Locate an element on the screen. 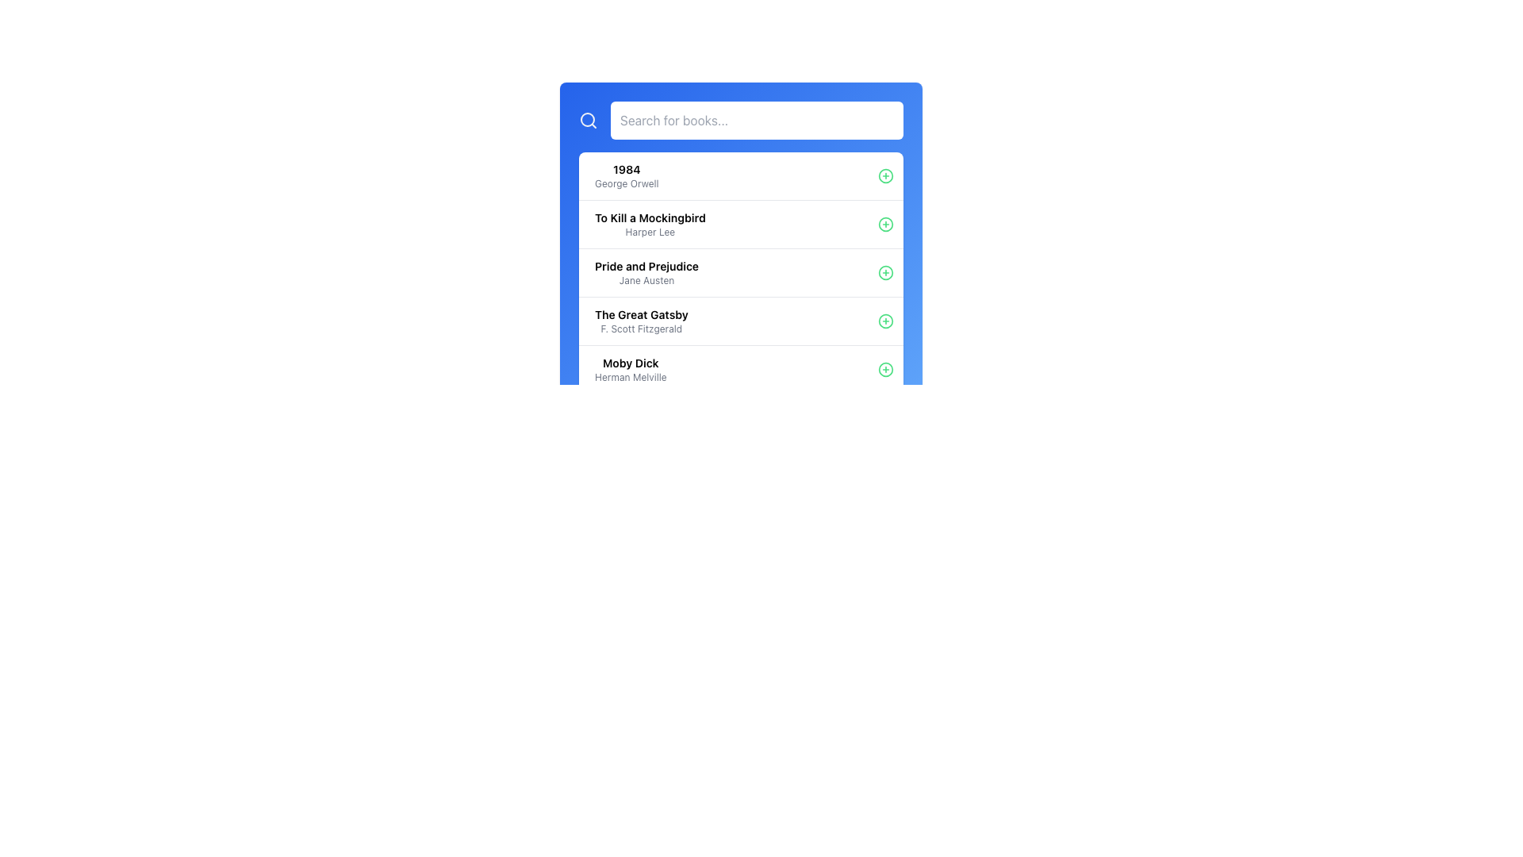  the Text Display element that describes a book item, located at the top of the list of book suggestions is located at coordinates (626, 176).